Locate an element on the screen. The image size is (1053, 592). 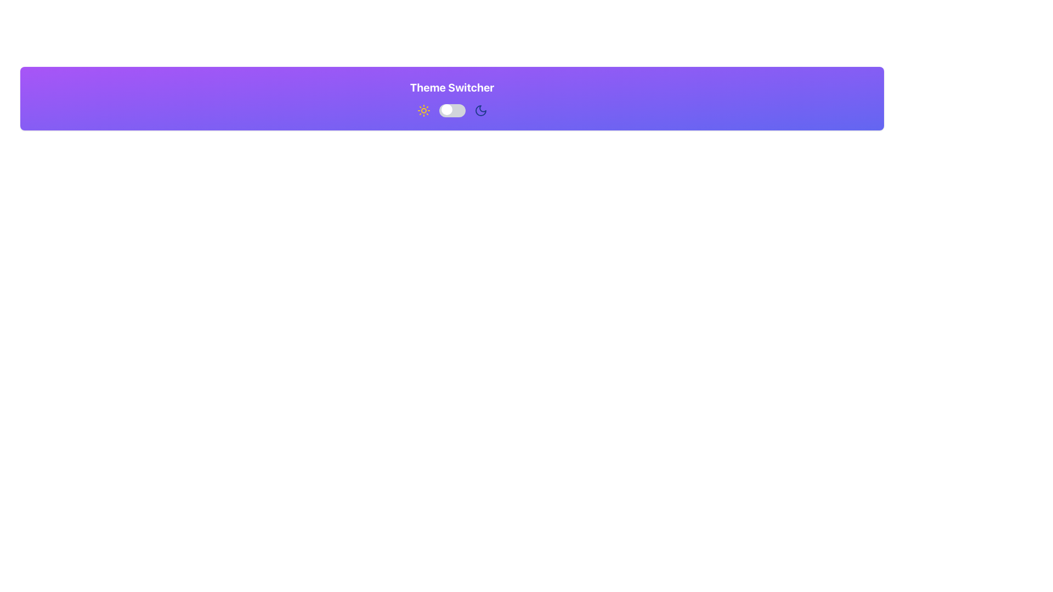
the crescent moon-shaped icon filled with blue, which is the third element in a horizontal row within the header bar, positioned to the right of a toggle switch is located at coordinates (480, 110).